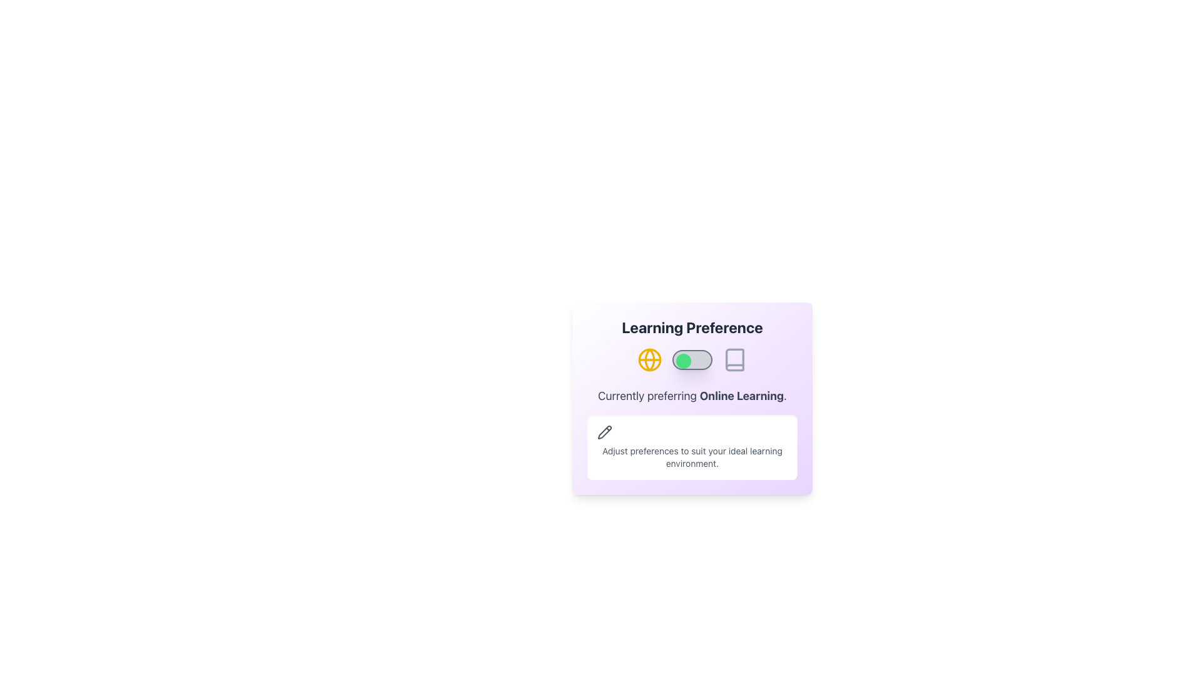 The image size is (1201, 675). Describe the element at coordinates (692, 359) in the screenshot. I see `the toggle switch located in the center of the 'Learning Preference' user card` at that location.